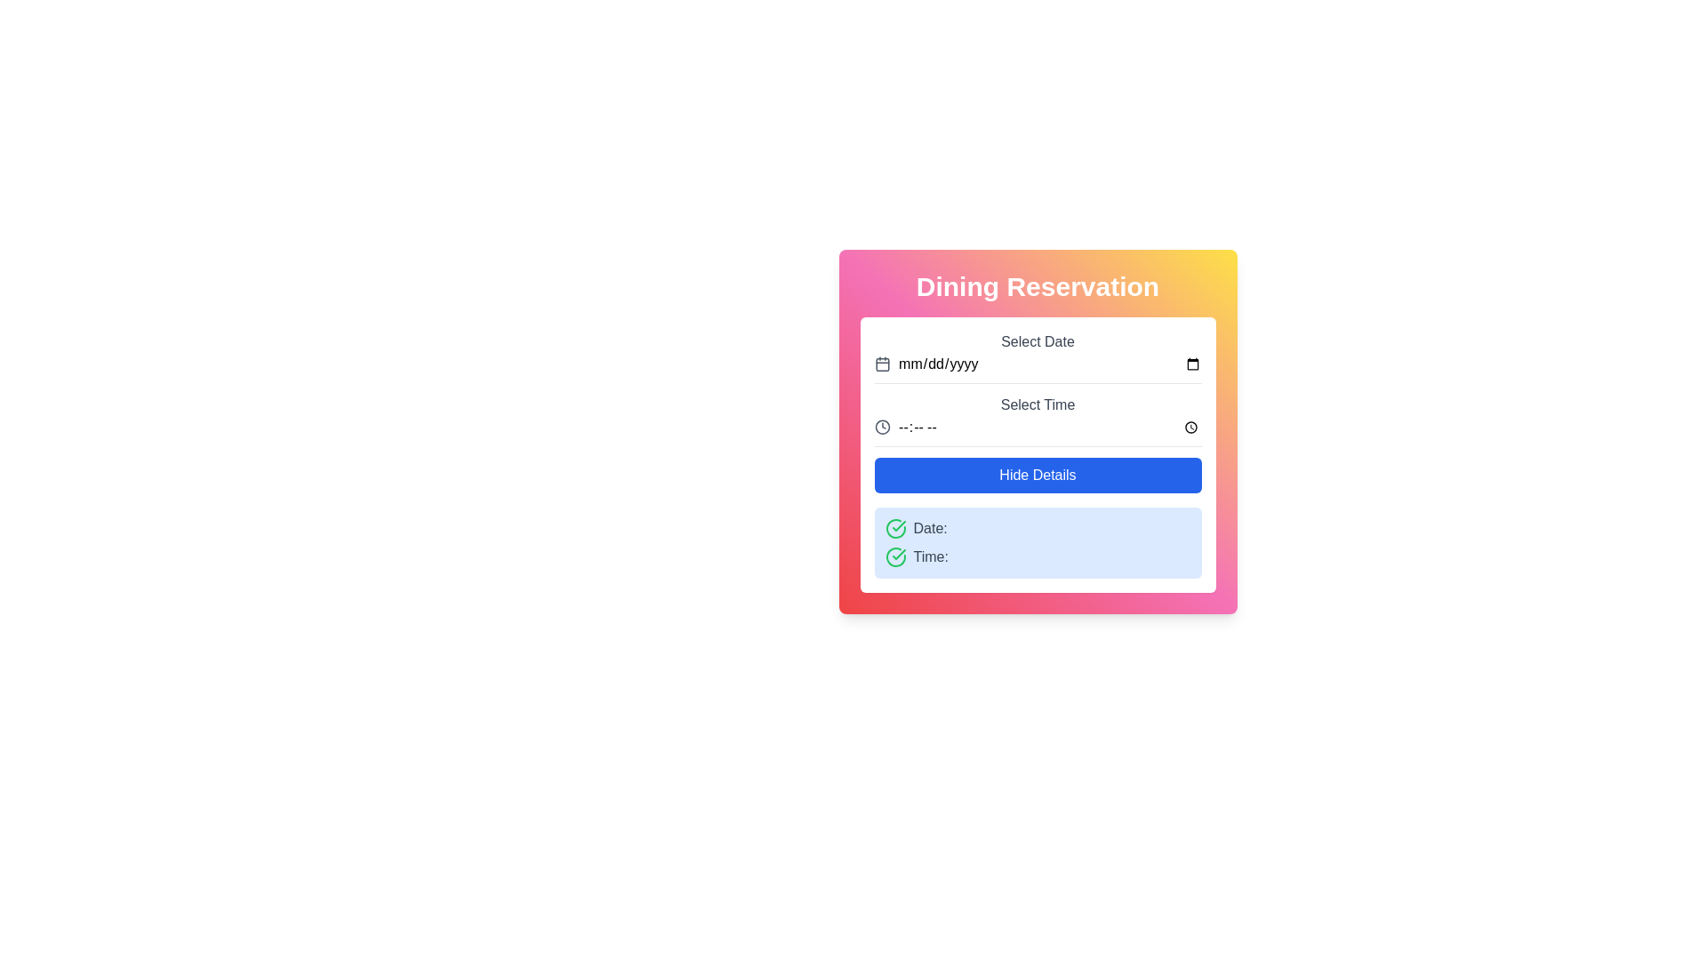 The image size is (1707, 960). Describe the element at coordinates (1038, 541) in the screenshot. I see `the Status Card element located at the bottom of the centered card interface, which displays the successful selection or validation of 'Date:' and 'Time:'` at that location.